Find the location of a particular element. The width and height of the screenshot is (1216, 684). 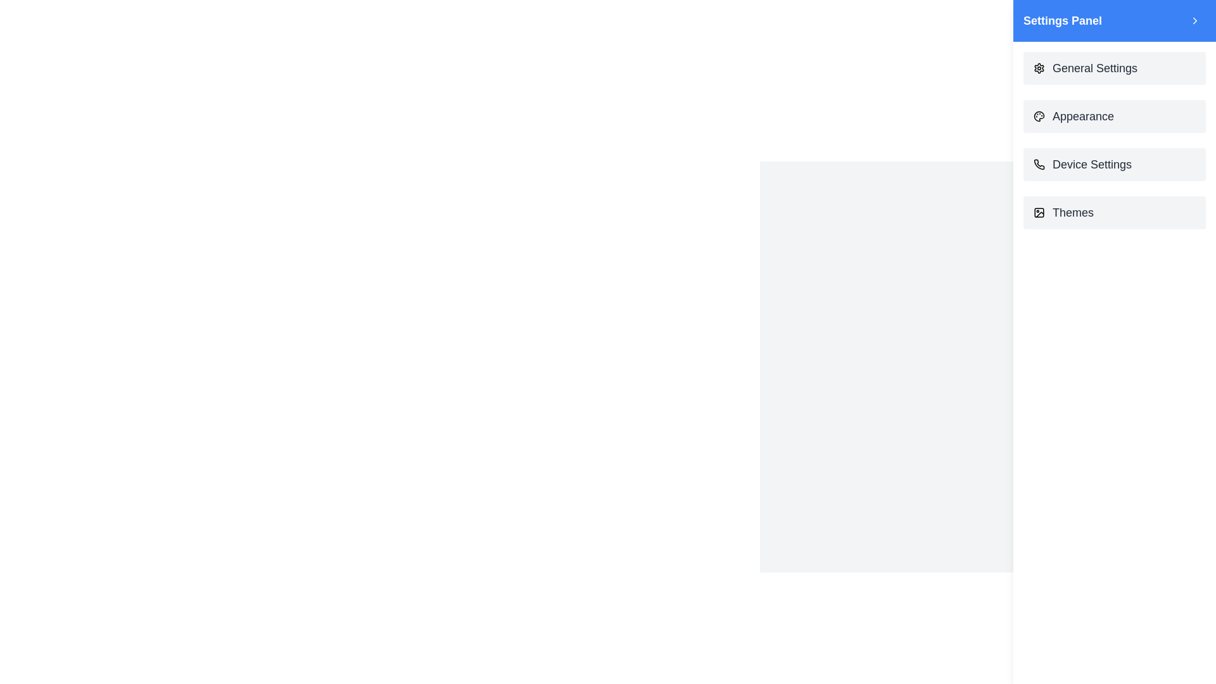

the 'Themes' Text Label located to the right of the icon in the last menu item of the 'Appearance' section in the right-side panel is located at coordinates (1072, 212).